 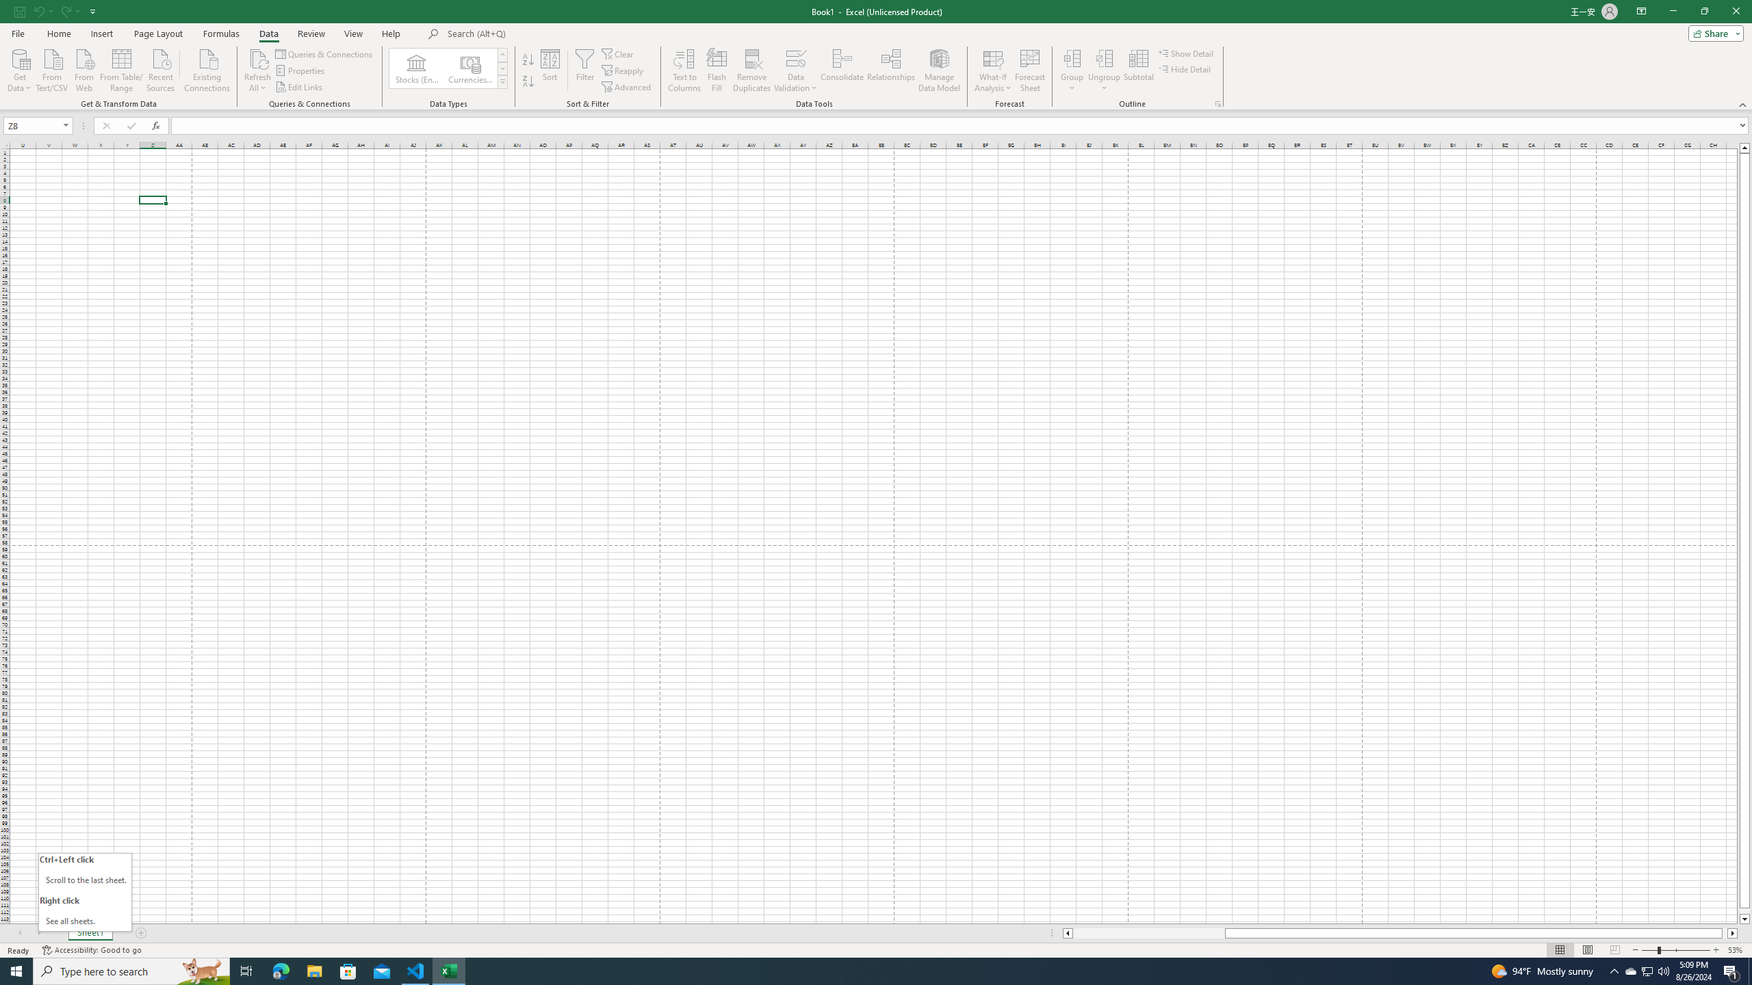 I want to click on 'Recent Sources', so click(x=161, y=68).